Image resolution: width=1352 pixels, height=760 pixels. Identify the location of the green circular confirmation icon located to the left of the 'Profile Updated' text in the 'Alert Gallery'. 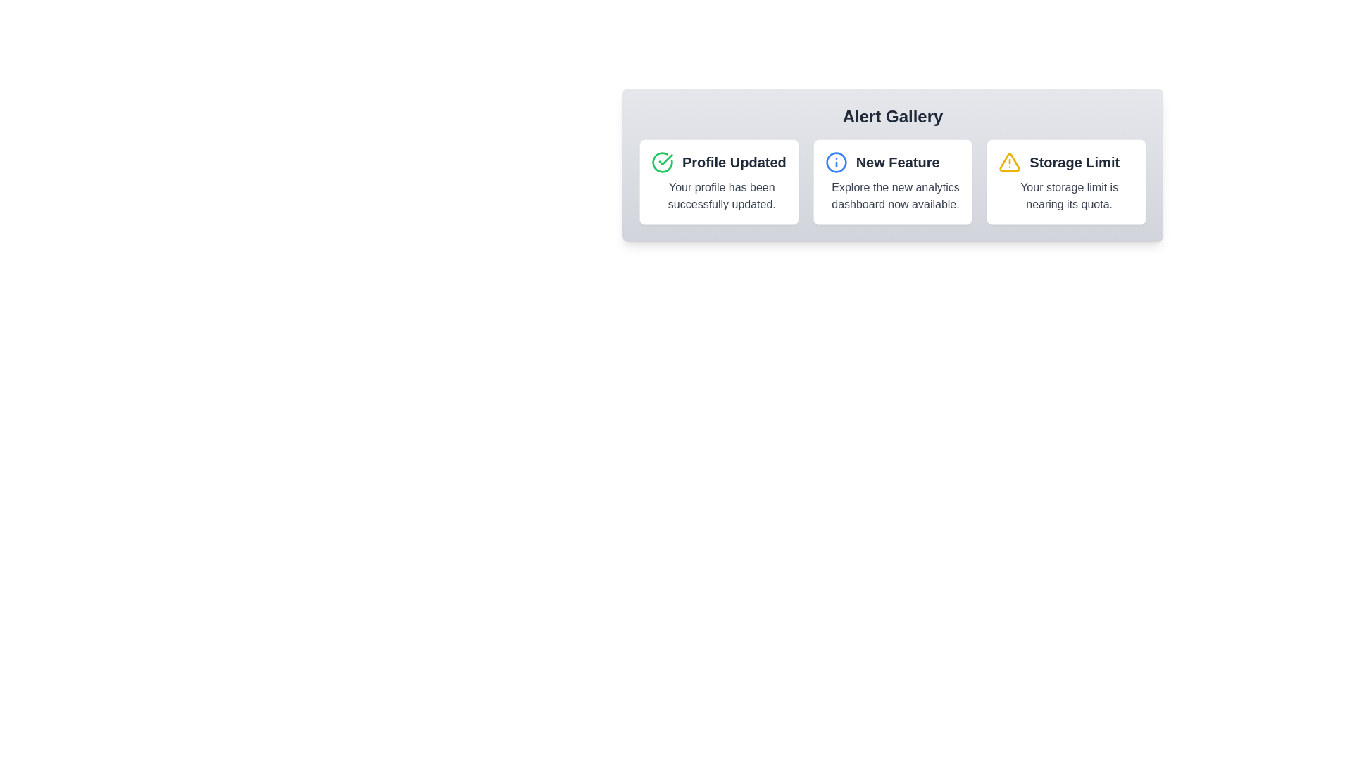
(661, 162).